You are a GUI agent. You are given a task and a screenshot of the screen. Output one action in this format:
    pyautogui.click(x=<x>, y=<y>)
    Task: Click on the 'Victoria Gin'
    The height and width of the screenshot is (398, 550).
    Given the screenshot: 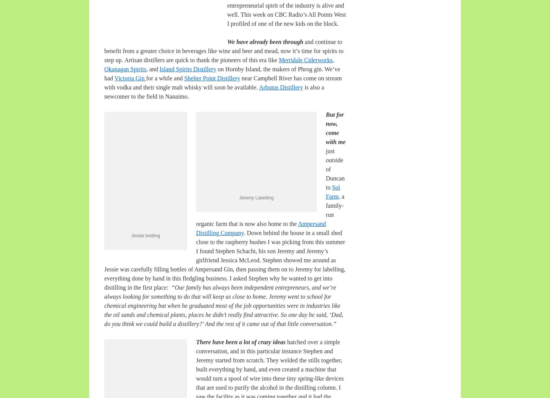 What is the action you would take?
    pyautogui.click(x=130, y=78)
    